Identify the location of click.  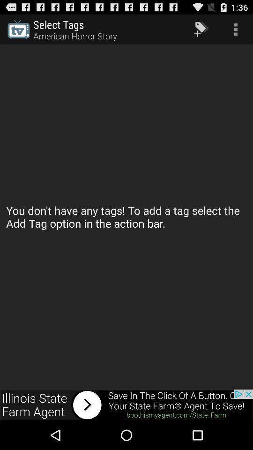
(126, 405).